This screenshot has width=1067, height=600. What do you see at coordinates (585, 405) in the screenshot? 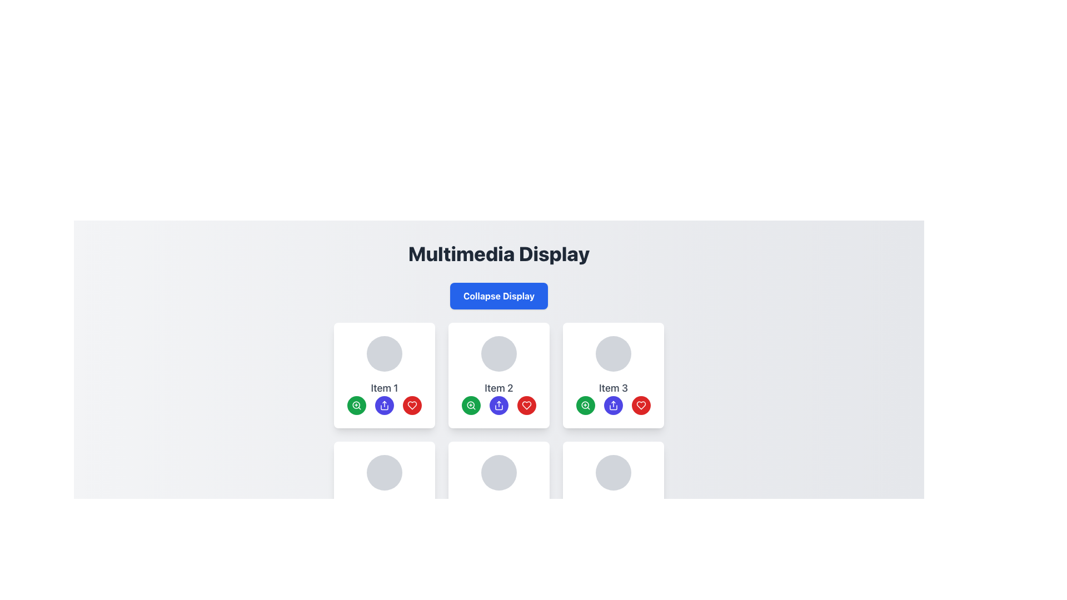
I see `the circular green zoom-in button with a white magnifying glass icon` at bounding box center [585, 405].